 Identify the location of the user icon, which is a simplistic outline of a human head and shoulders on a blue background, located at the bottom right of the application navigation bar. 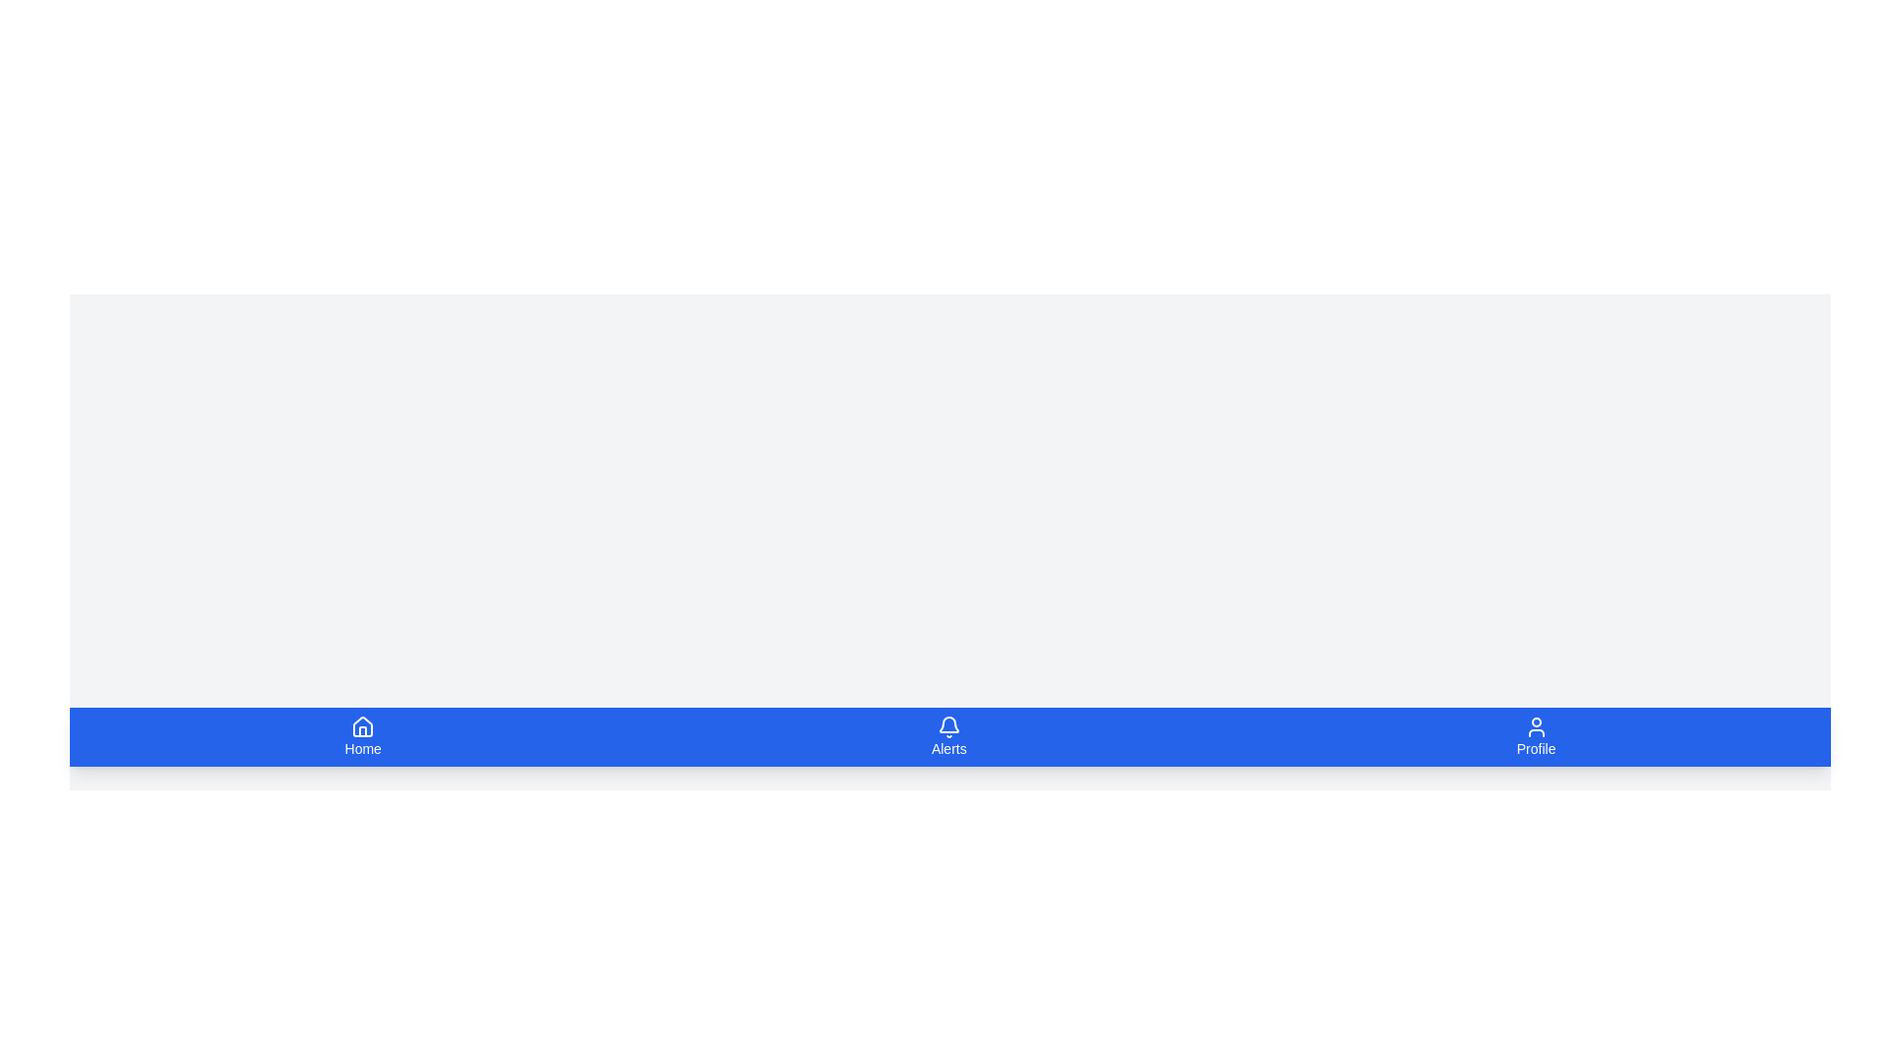
(1535, 727).